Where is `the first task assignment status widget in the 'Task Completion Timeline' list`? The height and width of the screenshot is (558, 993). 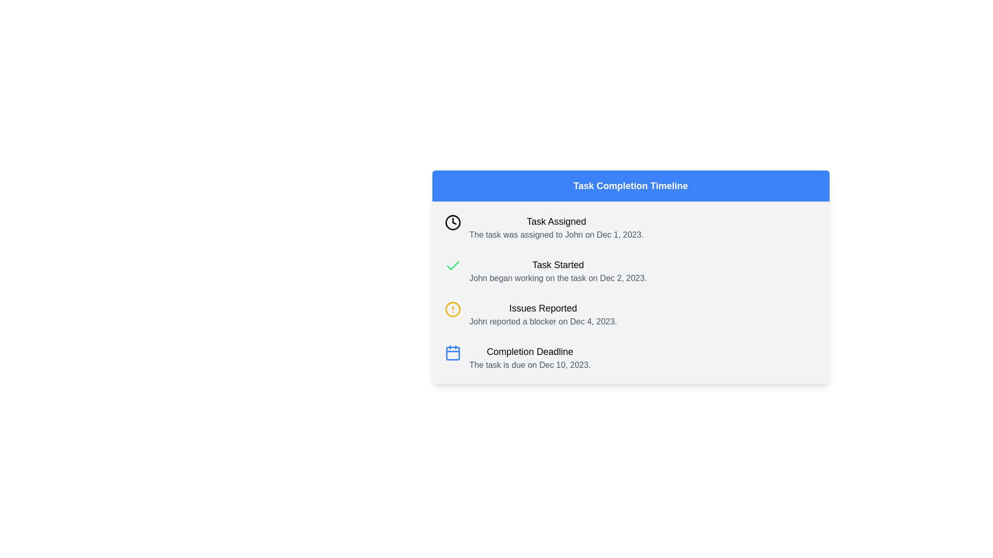 the first task assignment status widget in the 'Task Completion Timeline' list is located at coordinates (630, 227).